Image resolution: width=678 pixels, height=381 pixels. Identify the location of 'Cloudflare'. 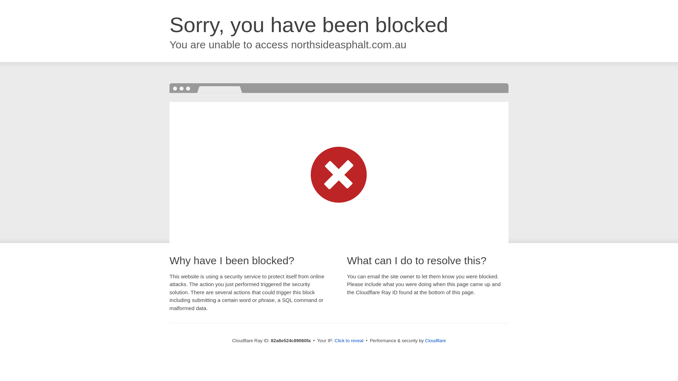
(435, 340).